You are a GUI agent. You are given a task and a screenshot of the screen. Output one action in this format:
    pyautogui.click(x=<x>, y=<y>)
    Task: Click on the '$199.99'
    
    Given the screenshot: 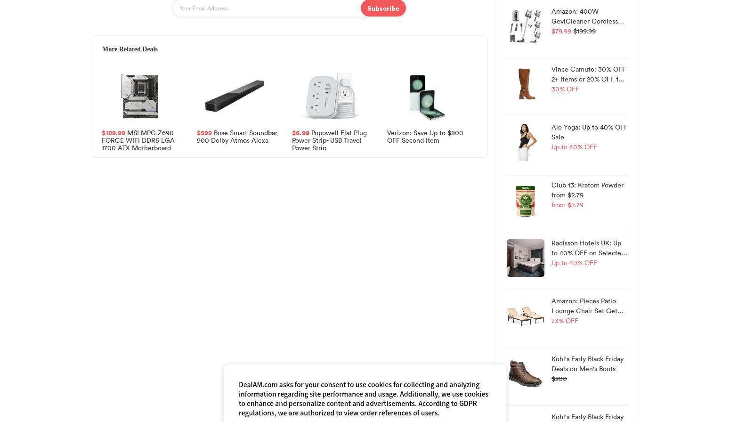 What is the action you would take?
    pyautogui.click(x=584, y=31)
    